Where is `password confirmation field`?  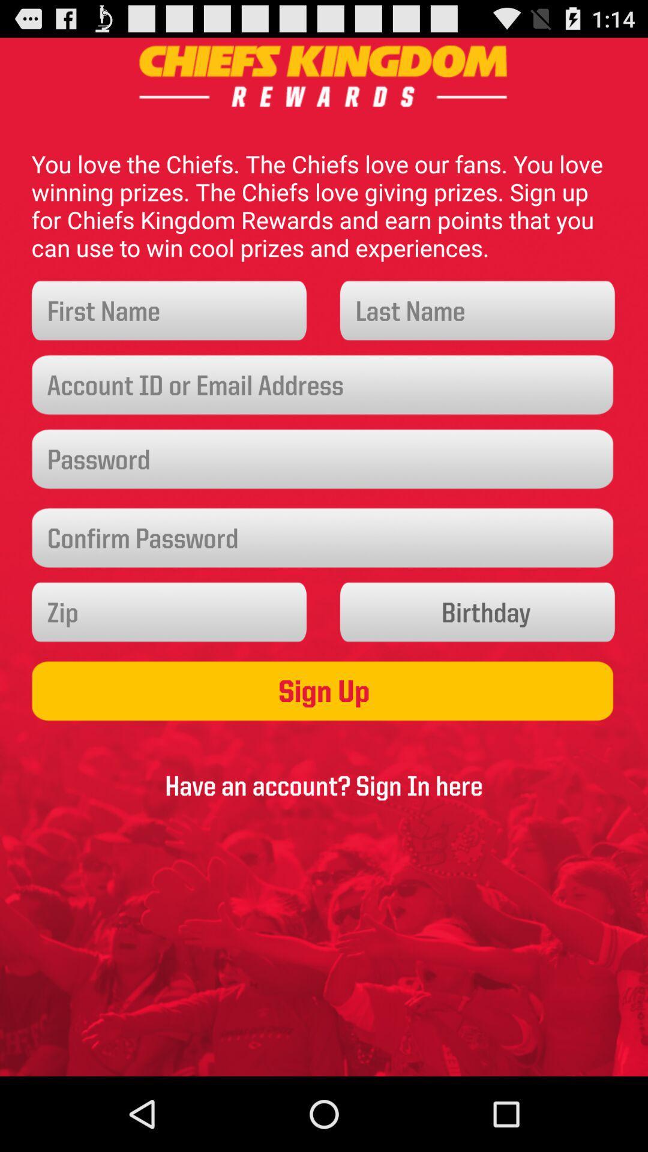
password confirmation field is located at coordinates (324, 538).